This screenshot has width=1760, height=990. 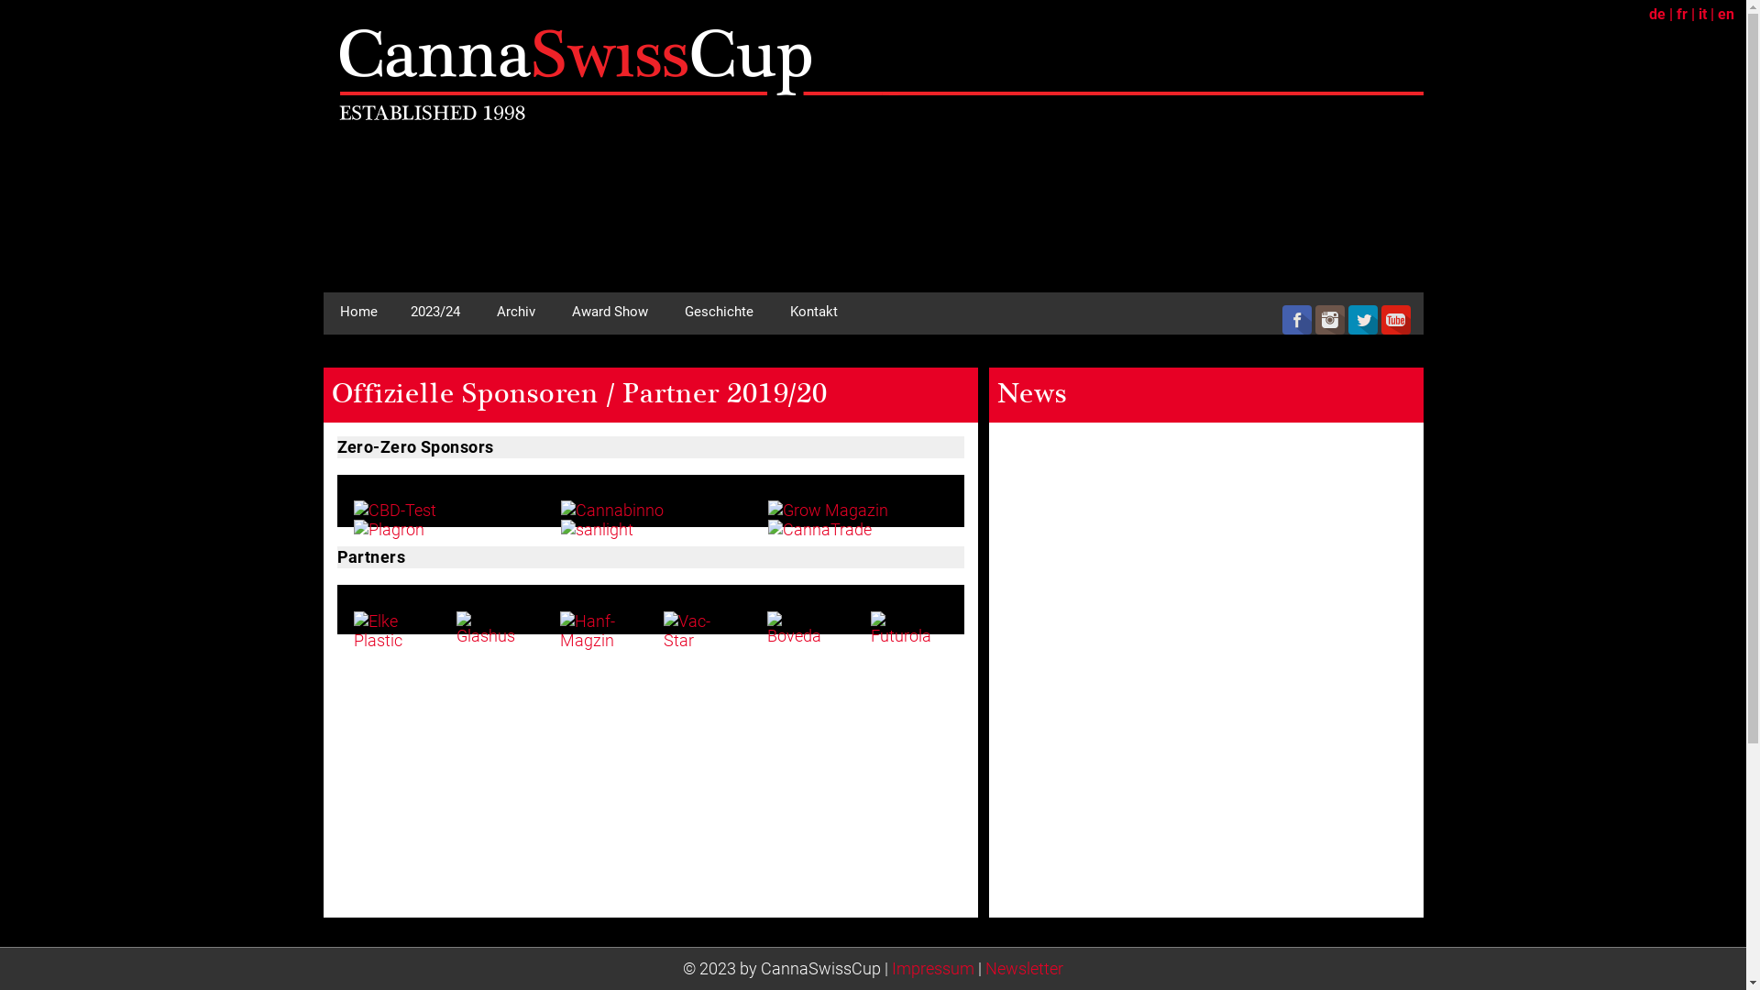 I want to click on 'Award Show', so click(x=610, y=310).